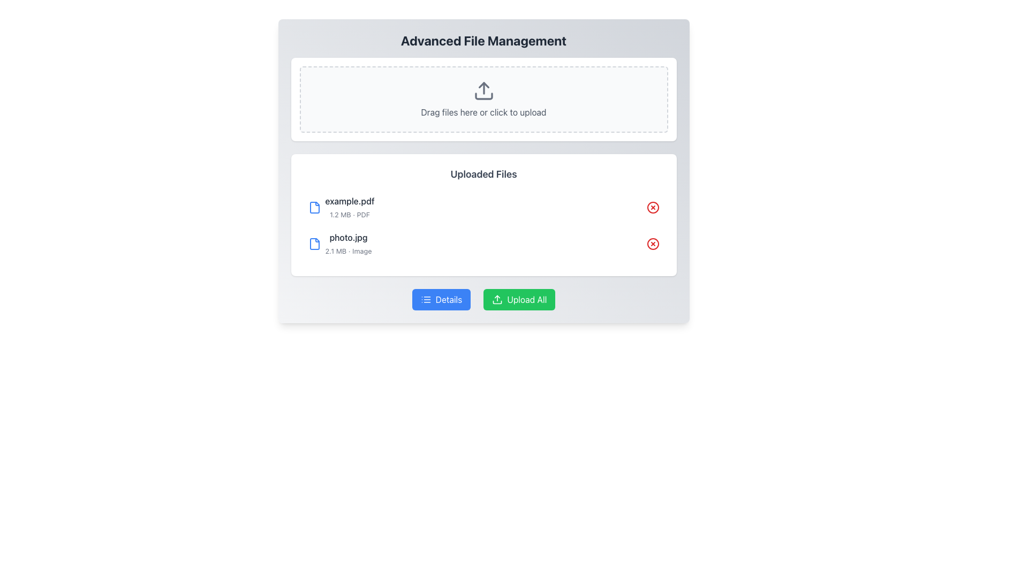  What do you see at coordinates (339, 244) in the screenshot?
I see `to select the second file entry in the 'Uploaded Files' section, which provides details about the file such as its name, type, and size` at bounding box center [339, 244].